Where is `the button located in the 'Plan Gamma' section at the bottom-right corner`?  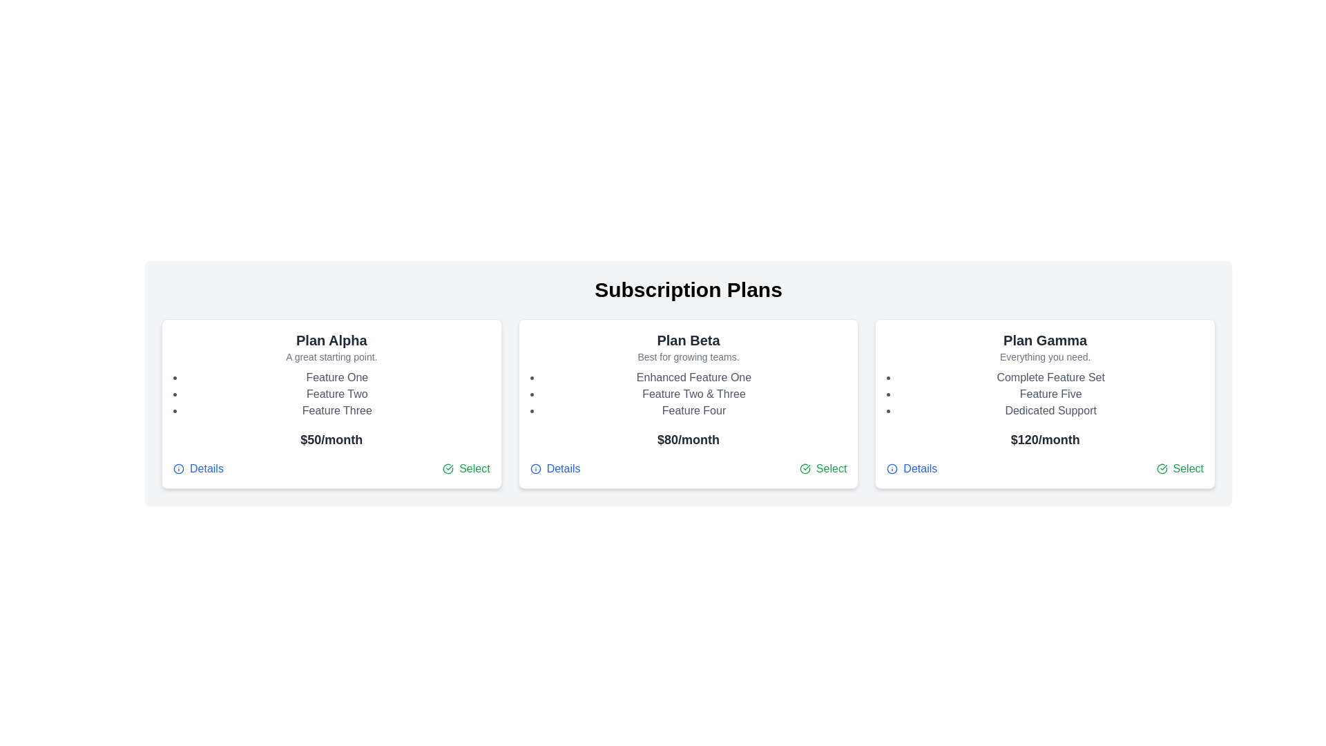 the button located in the 'Plan Gamma' section at the bottom-right corner is located at coordinates (1179, 468).